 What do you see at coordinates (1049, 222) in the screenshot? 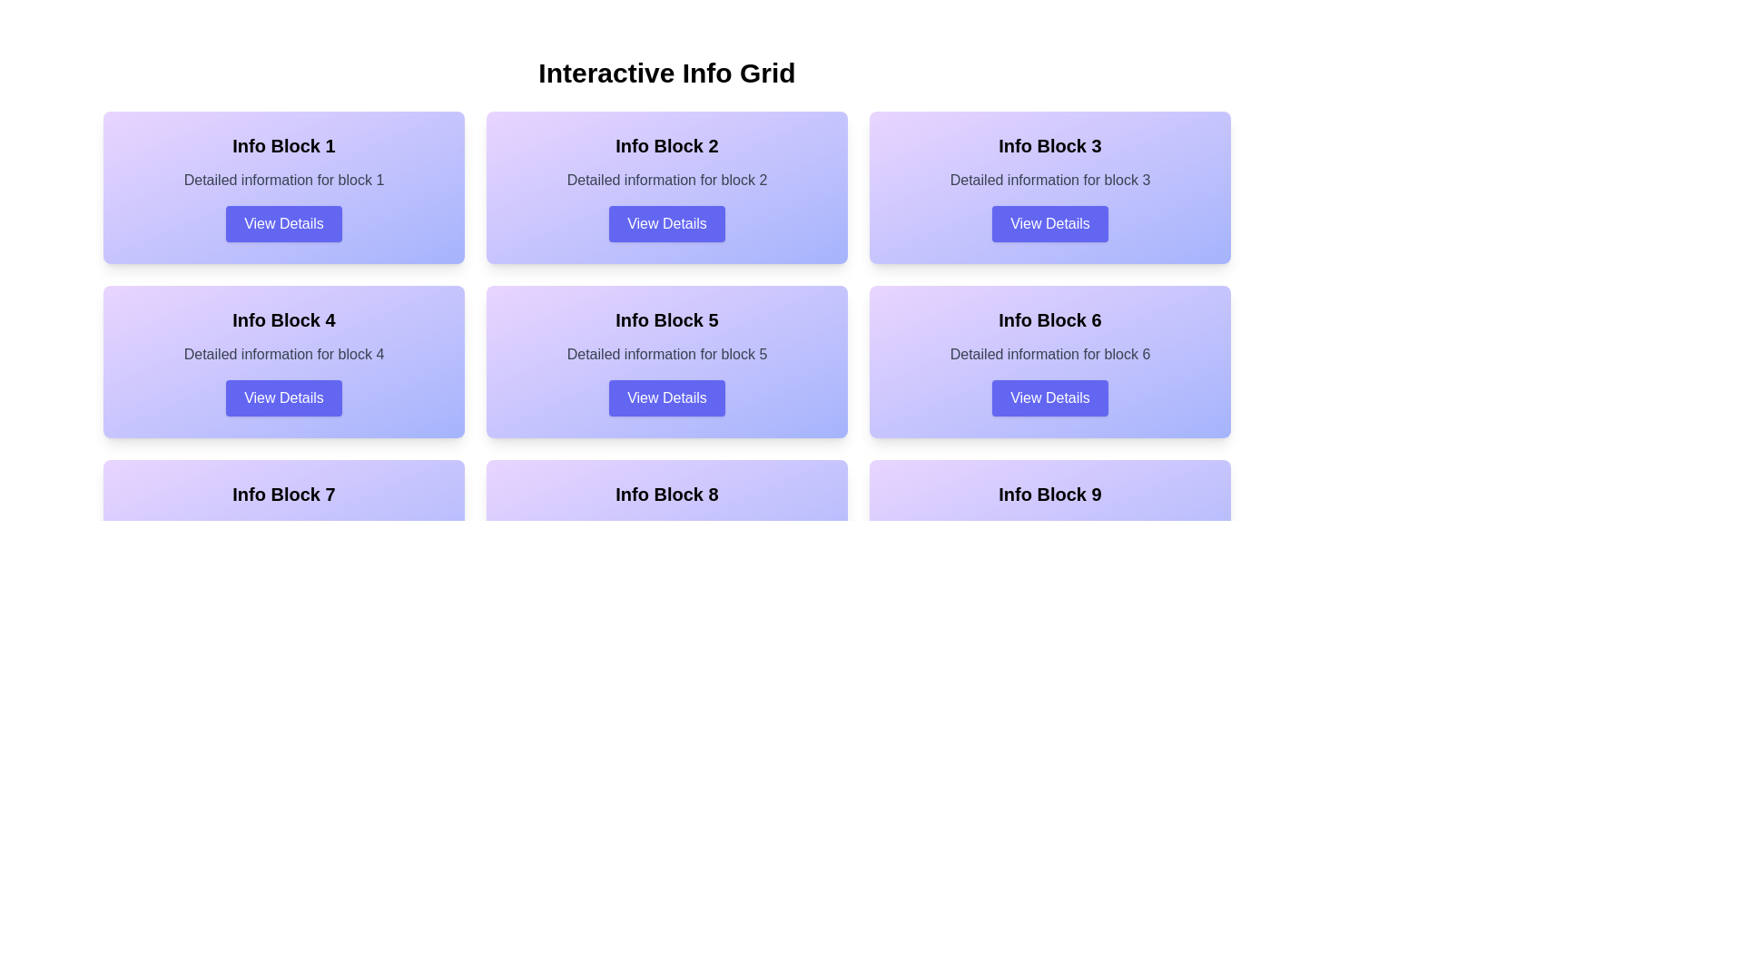
I see `the button located at the bottom of 'Info Block 3'` at bounding box center [1049, 222].